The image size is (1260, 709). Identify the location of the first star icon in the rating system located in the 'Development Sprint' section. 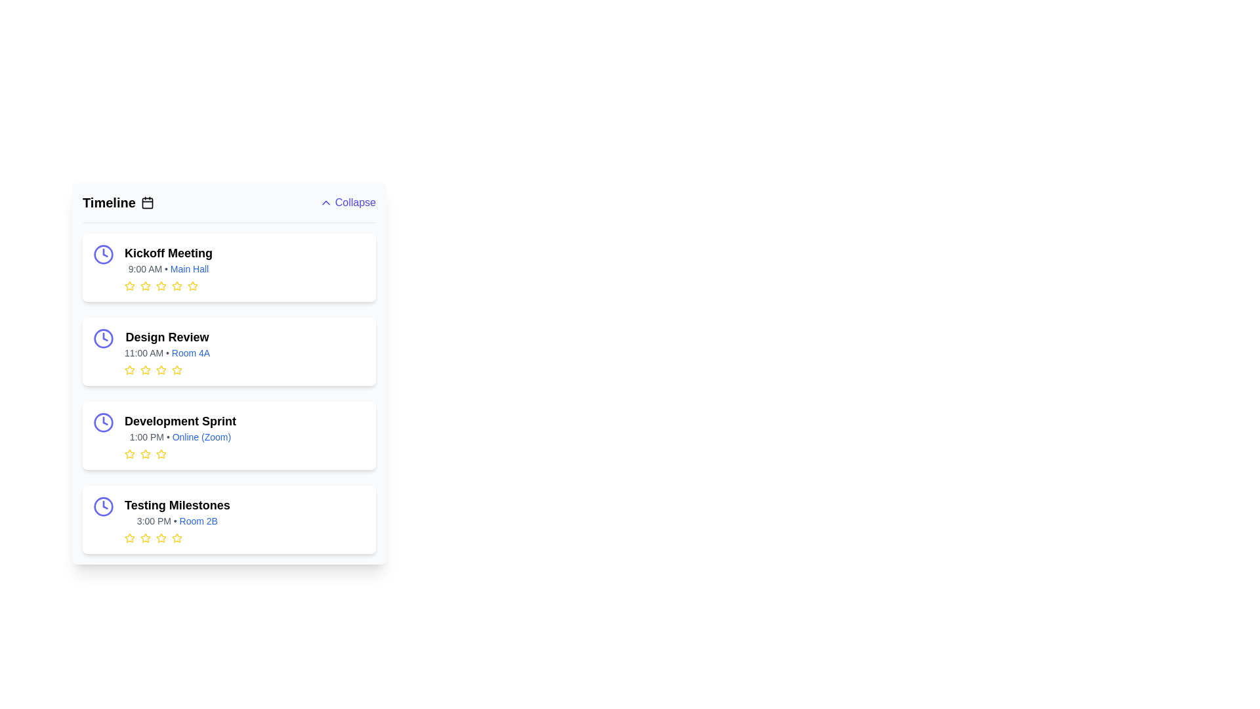
(129, 453).